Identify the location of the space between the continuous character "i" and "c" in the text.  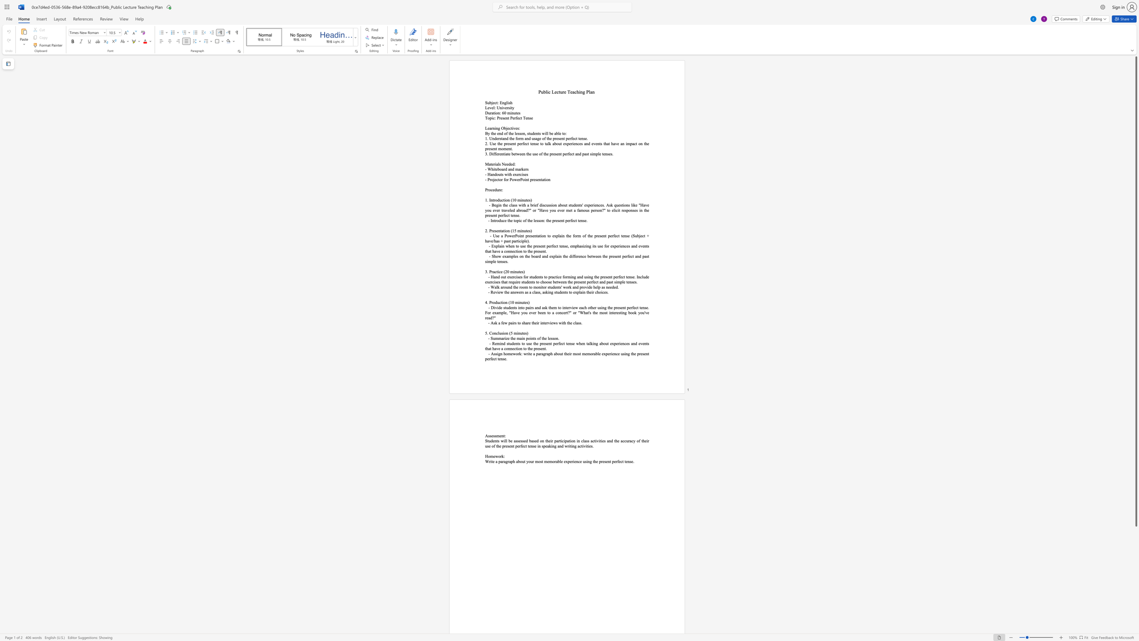
(615, 210).